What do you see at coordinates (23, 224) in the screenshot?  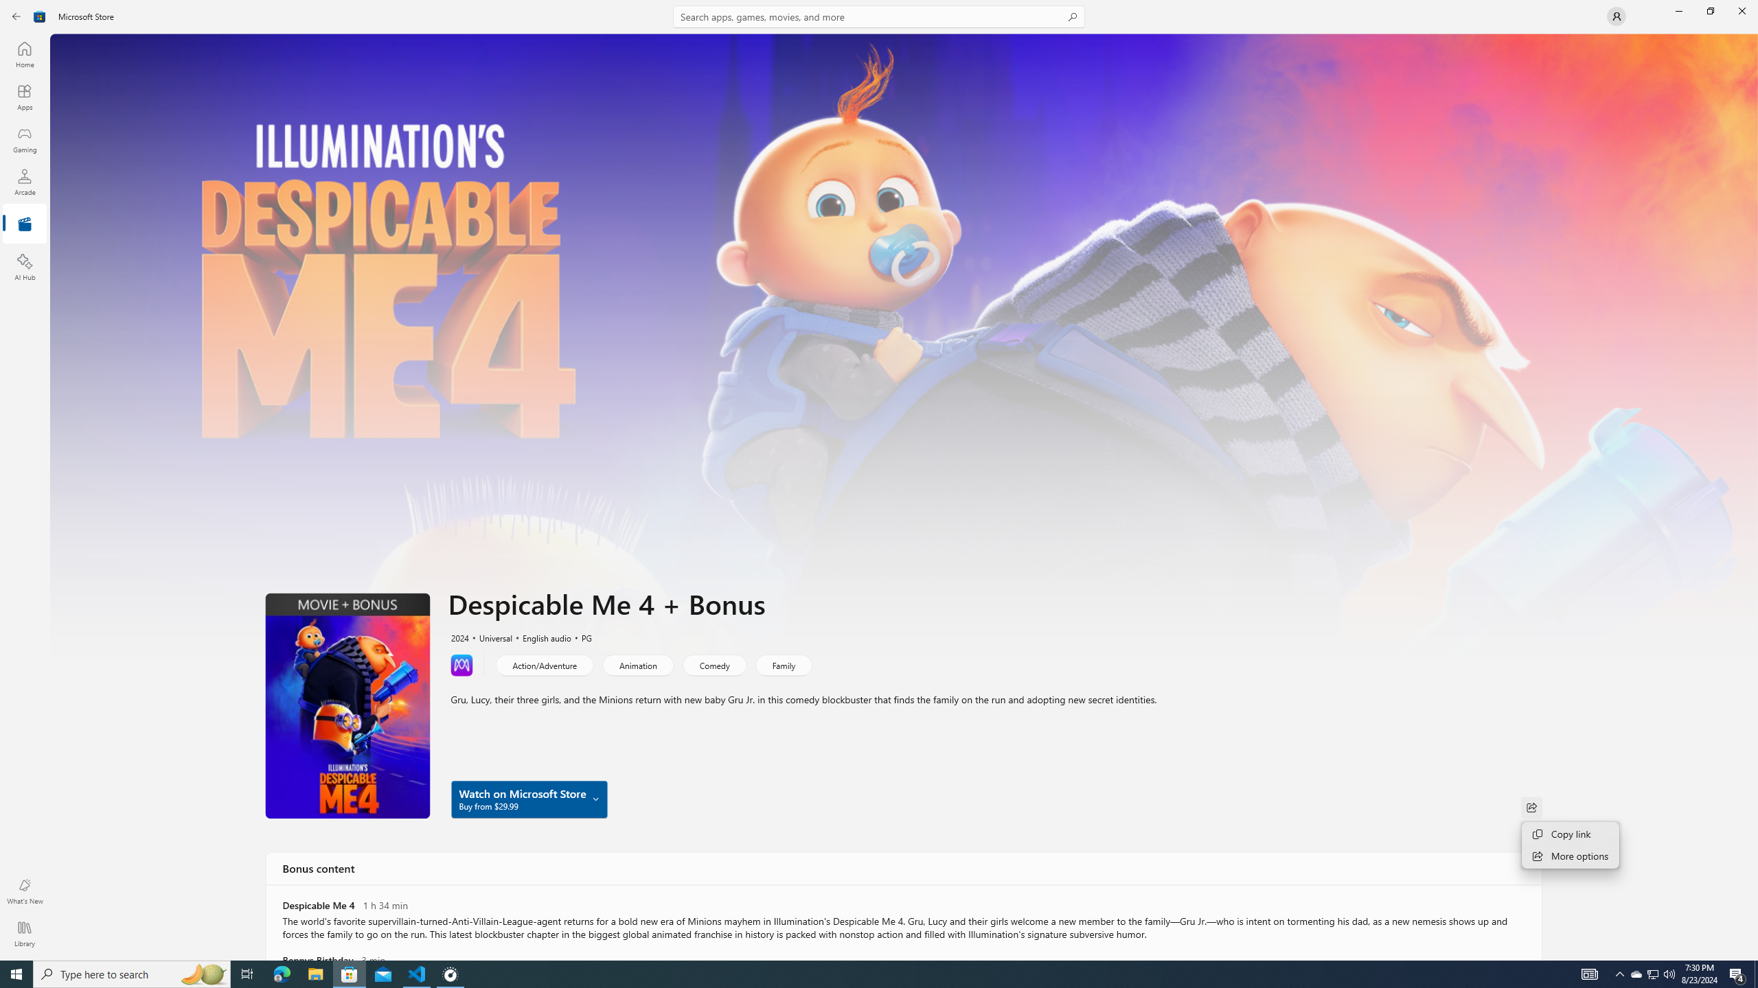 I see `'Entertainment'` at bounding box center [23, 224].